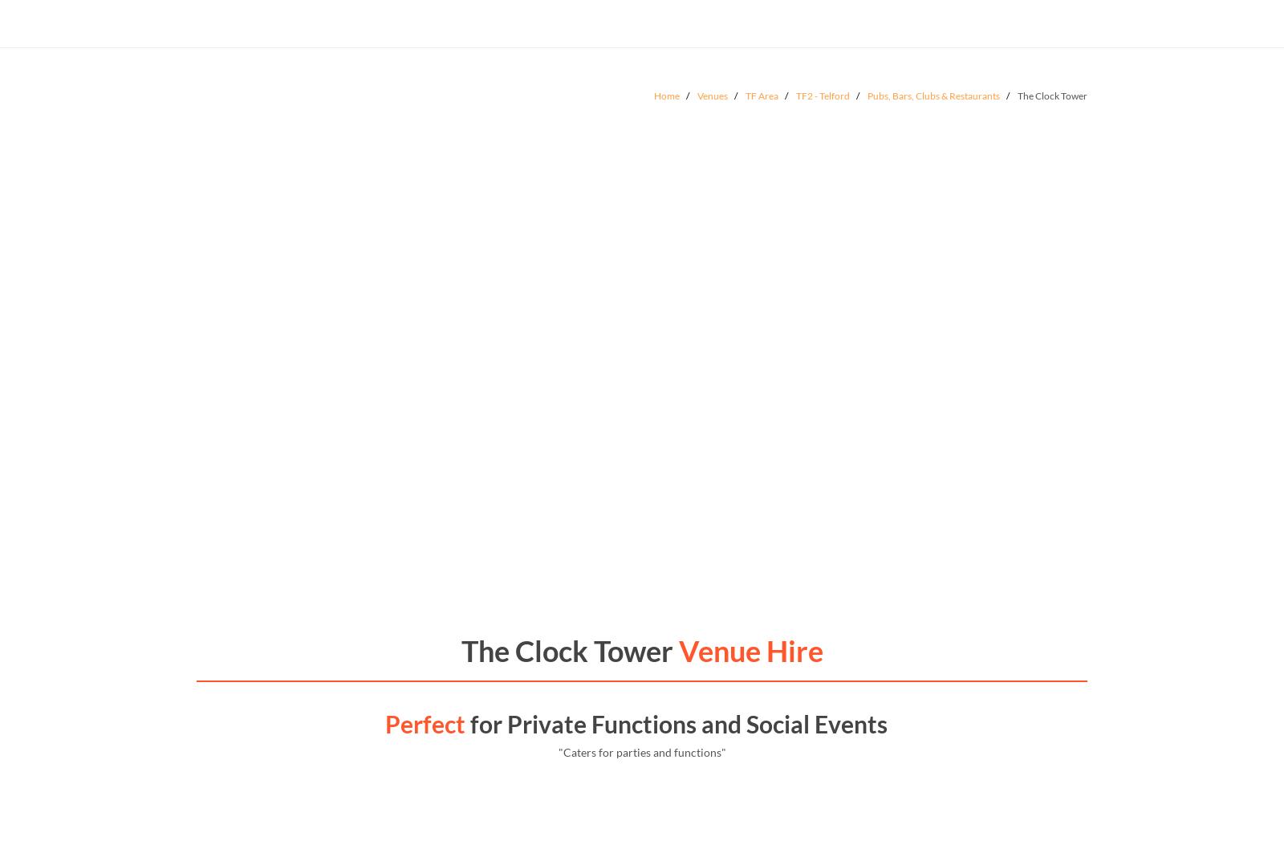  I want to click on 'The Duck at Allscott', so click(291, 664).